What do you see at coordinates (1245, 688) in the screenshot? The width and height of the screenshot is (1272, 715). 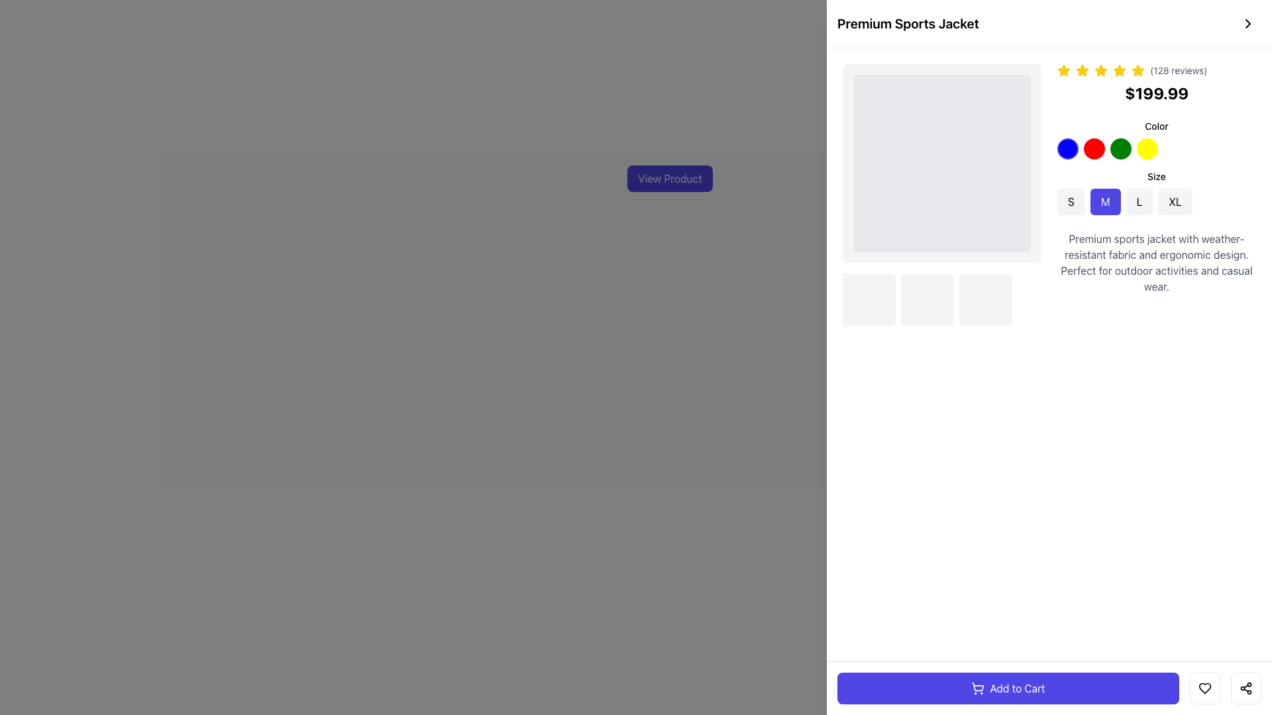 I see `the share button located to the far right of the horizontal group, adjacent to the heart-shaped icon button, to share content` at bounding box center [1245, 688].